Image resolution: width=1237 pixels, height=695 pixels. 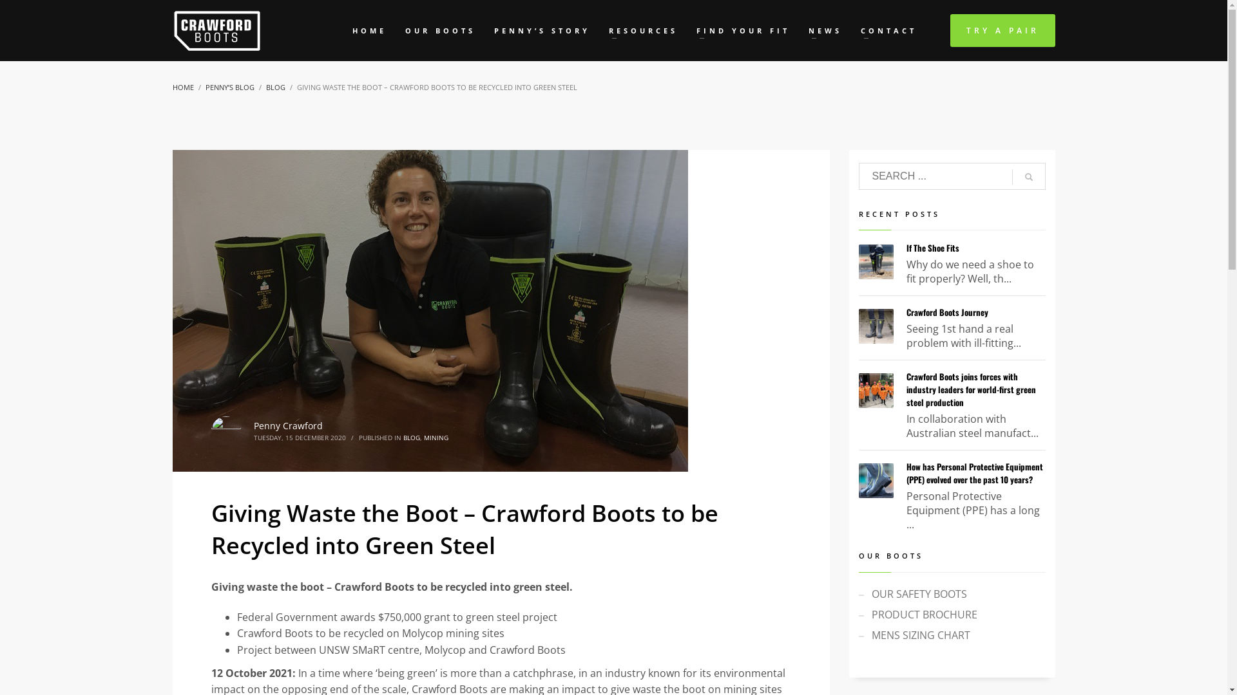 I want to click on 'go', so click(x=1028, y=176).